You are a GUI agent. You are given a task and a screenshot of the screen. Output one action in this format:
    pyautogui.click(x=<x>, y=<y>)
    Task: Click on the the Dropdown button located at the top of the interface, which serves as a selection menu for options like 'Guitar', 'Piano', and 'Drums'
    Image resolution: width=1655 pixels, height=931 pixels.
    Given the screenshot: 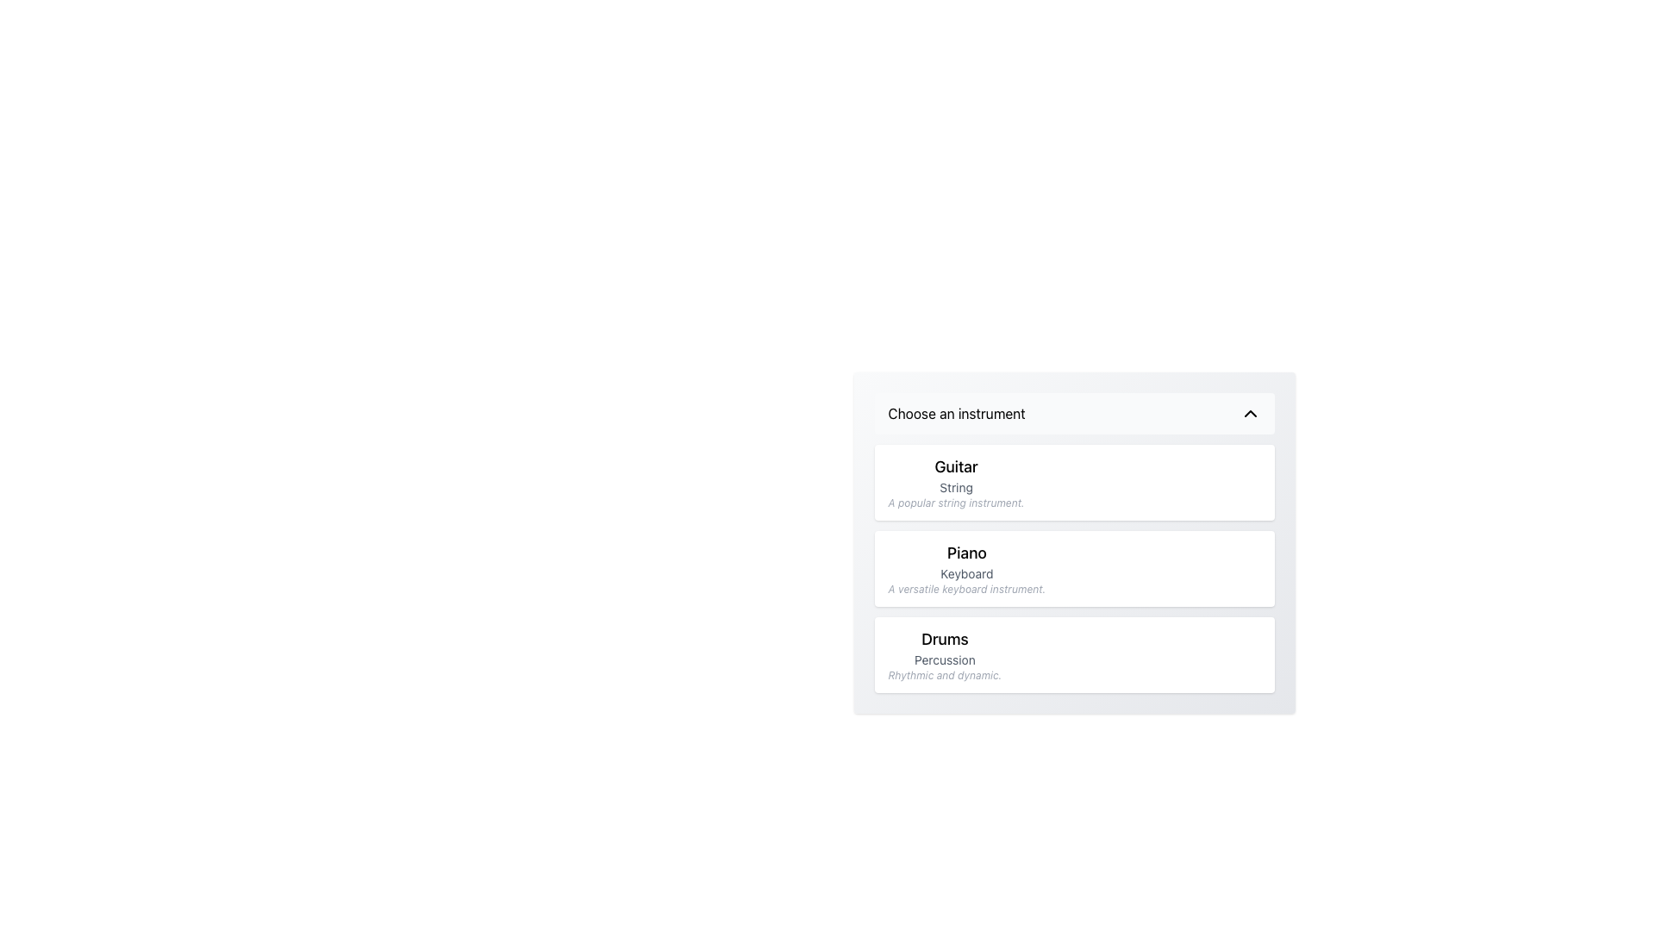 What is the action you would take?
    pyautogui.click(x=1073, y=413)
    